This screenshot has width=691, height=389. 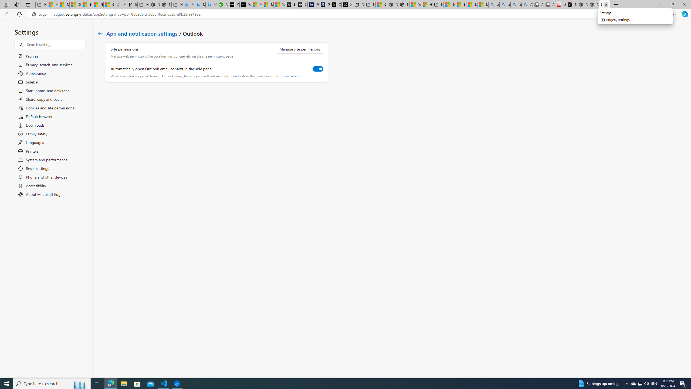 I want to click on 'Search settings', so click(x=56, y=44).